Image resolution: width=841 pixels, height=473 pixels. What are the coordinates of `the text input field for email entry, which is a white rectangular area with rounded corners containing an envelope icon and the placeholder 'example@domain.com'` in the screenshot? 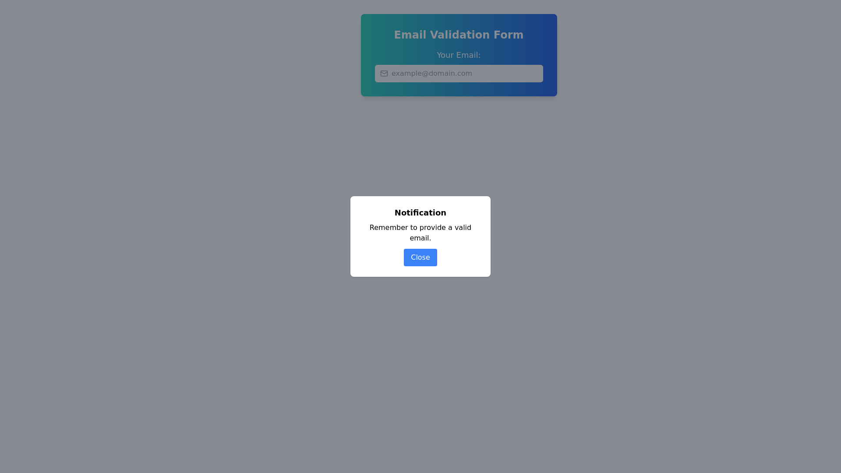 It's located at (458, 73).